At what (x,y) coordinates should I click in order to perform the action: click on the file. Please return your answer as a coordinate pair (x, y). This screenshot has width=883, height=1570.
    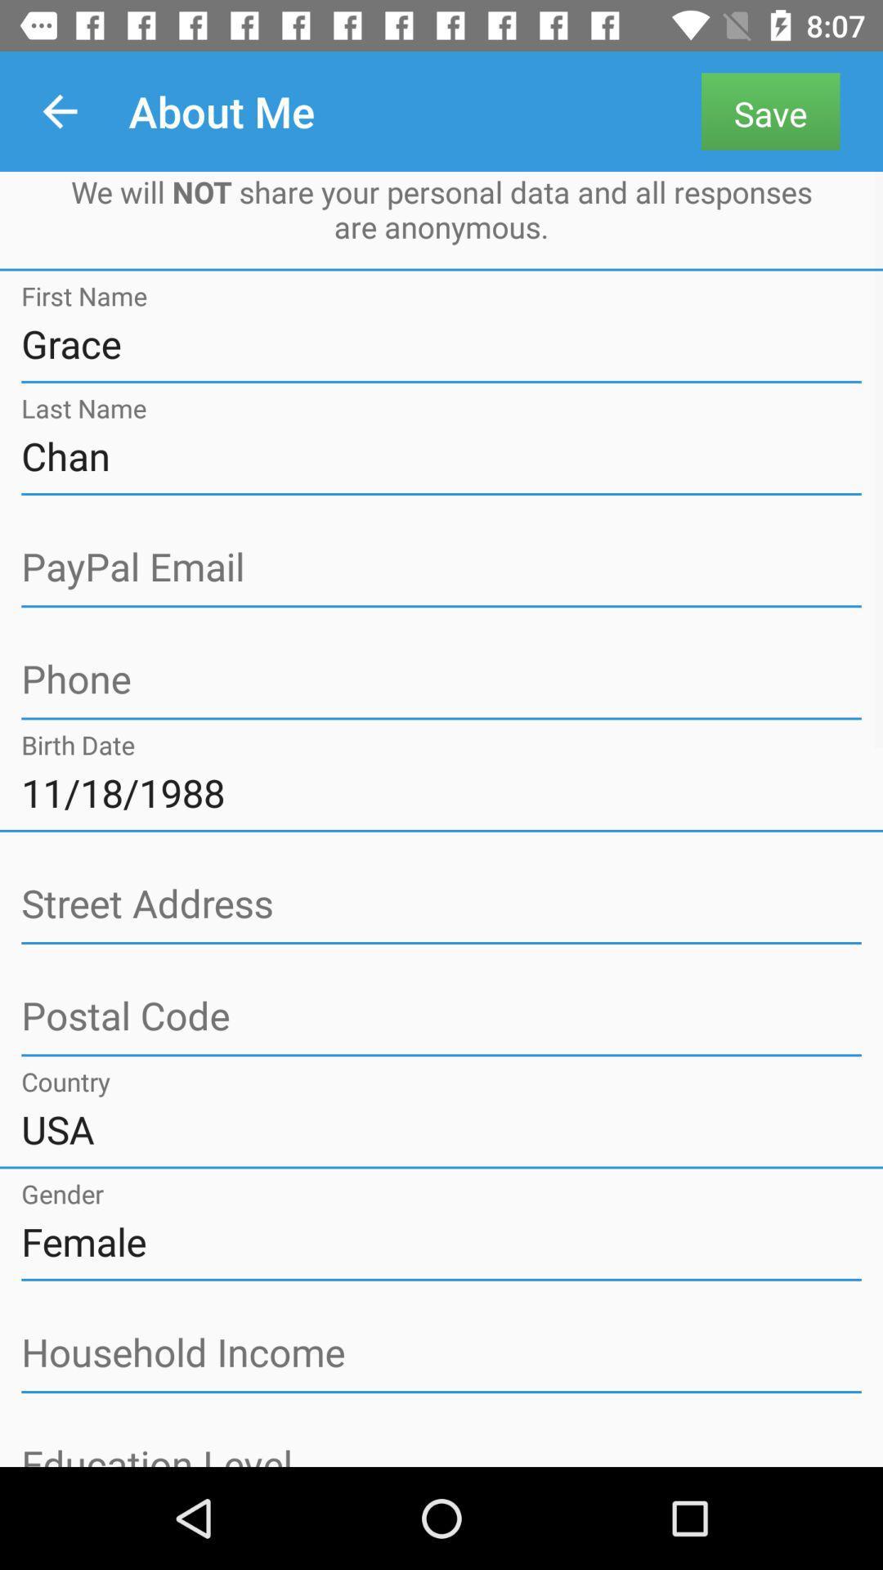
    Looking at the image, I should click on (441, 680).